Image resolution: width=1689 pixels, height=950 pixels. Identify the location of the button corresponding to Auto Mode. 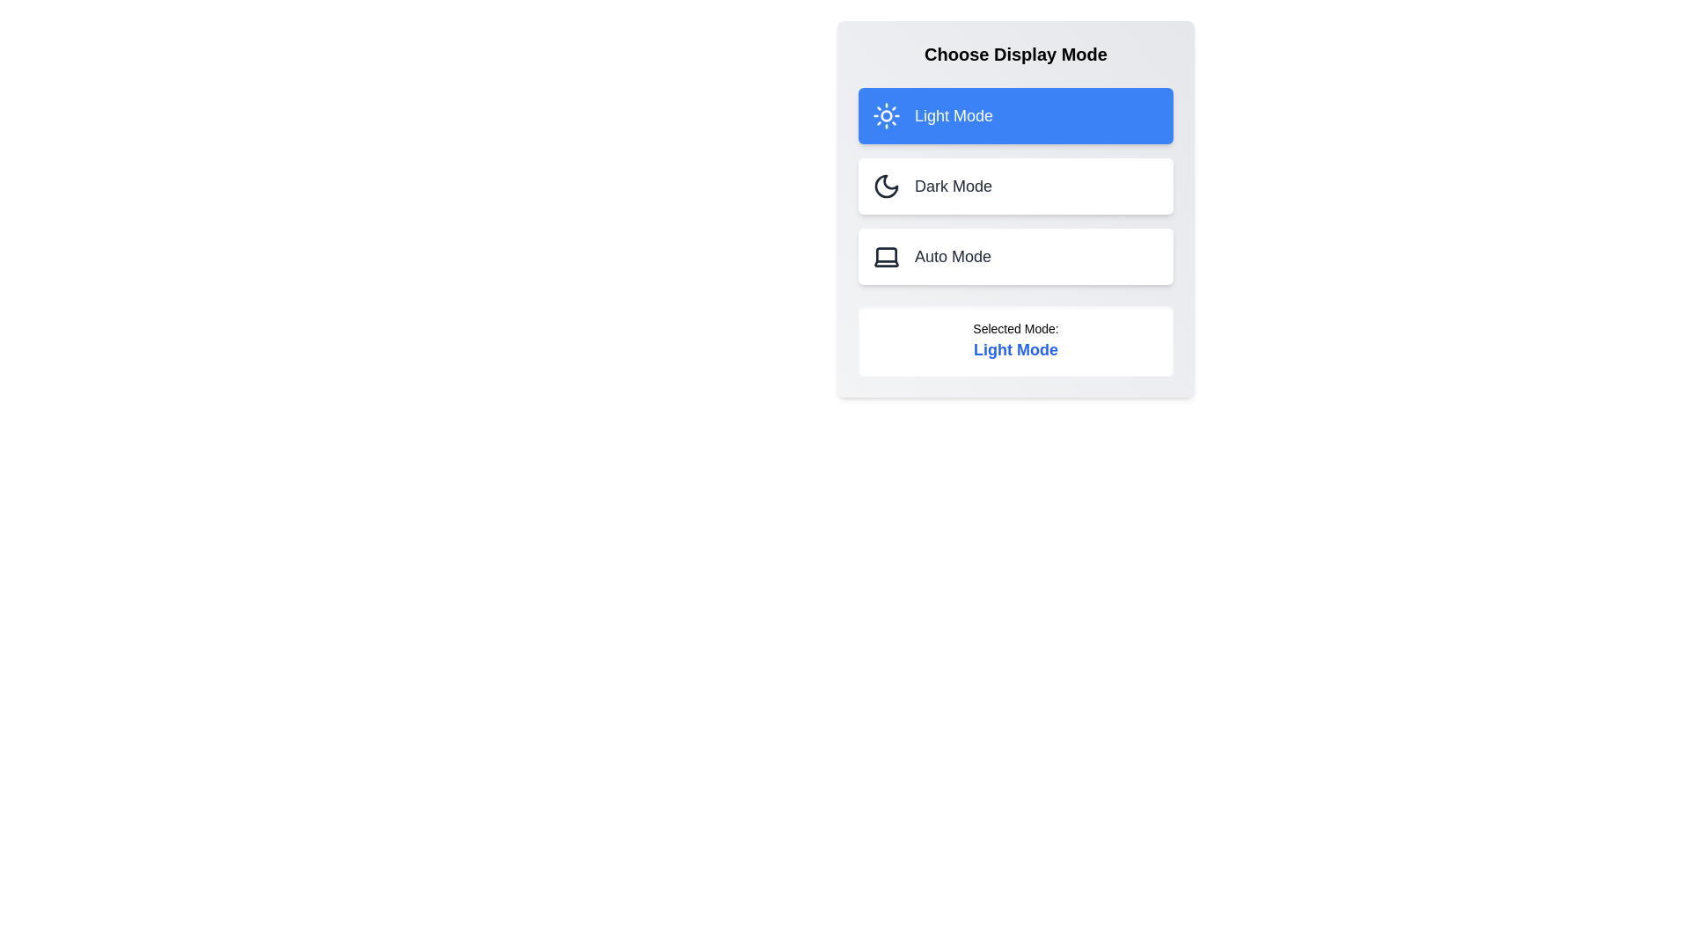
(1016, 257).